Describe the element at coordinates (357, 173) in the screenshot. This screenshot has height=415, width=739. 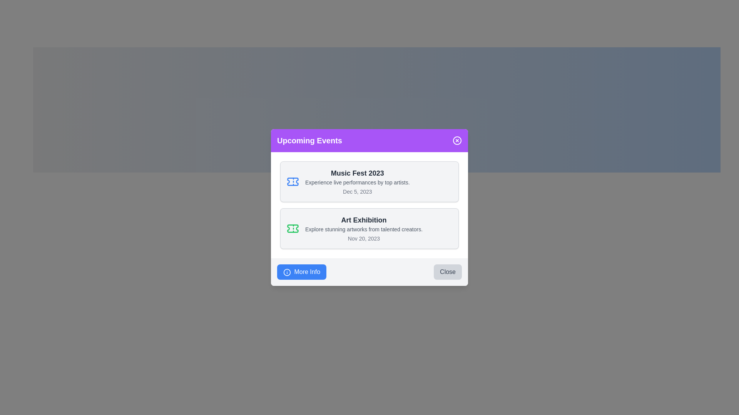
I see `the main title text label for the 'Music Fest 2023' event` at that location.